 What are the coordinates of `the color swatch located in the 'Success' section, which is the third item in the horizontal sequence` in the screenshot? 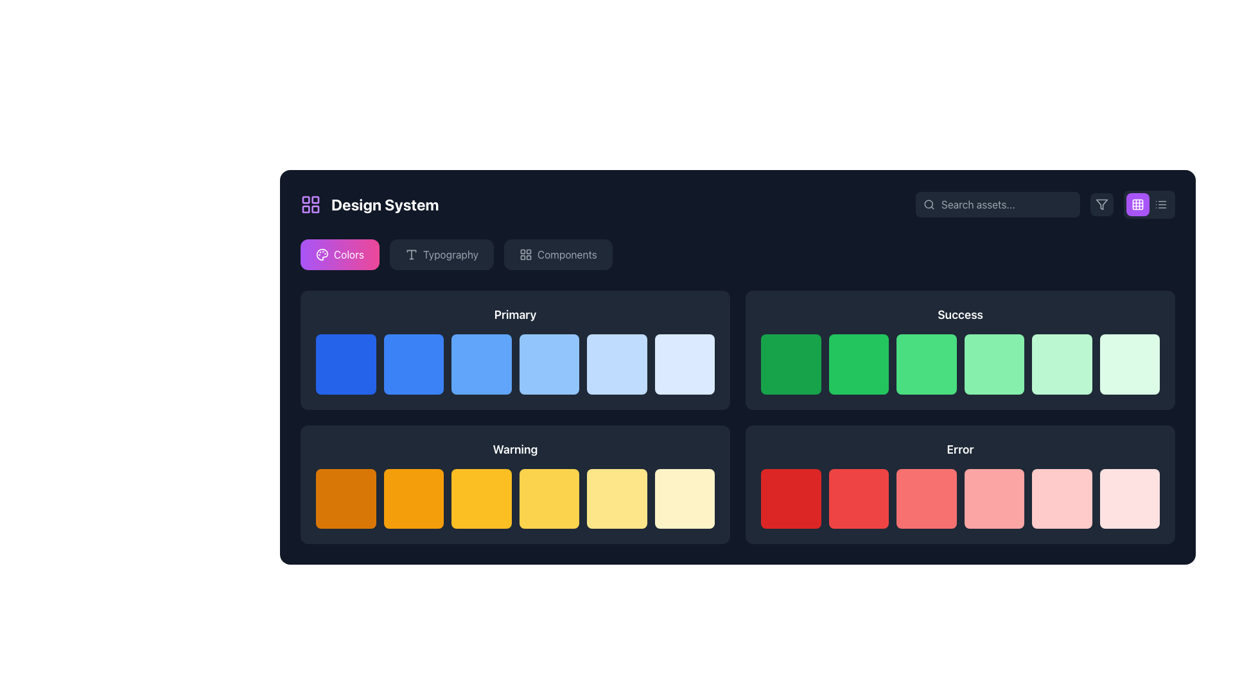 It's located at (992, 363).